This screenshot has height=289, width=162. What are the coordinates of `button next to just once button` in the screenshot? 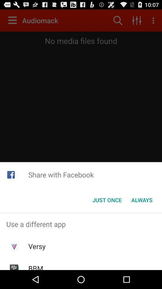 It's located at (142, 200).